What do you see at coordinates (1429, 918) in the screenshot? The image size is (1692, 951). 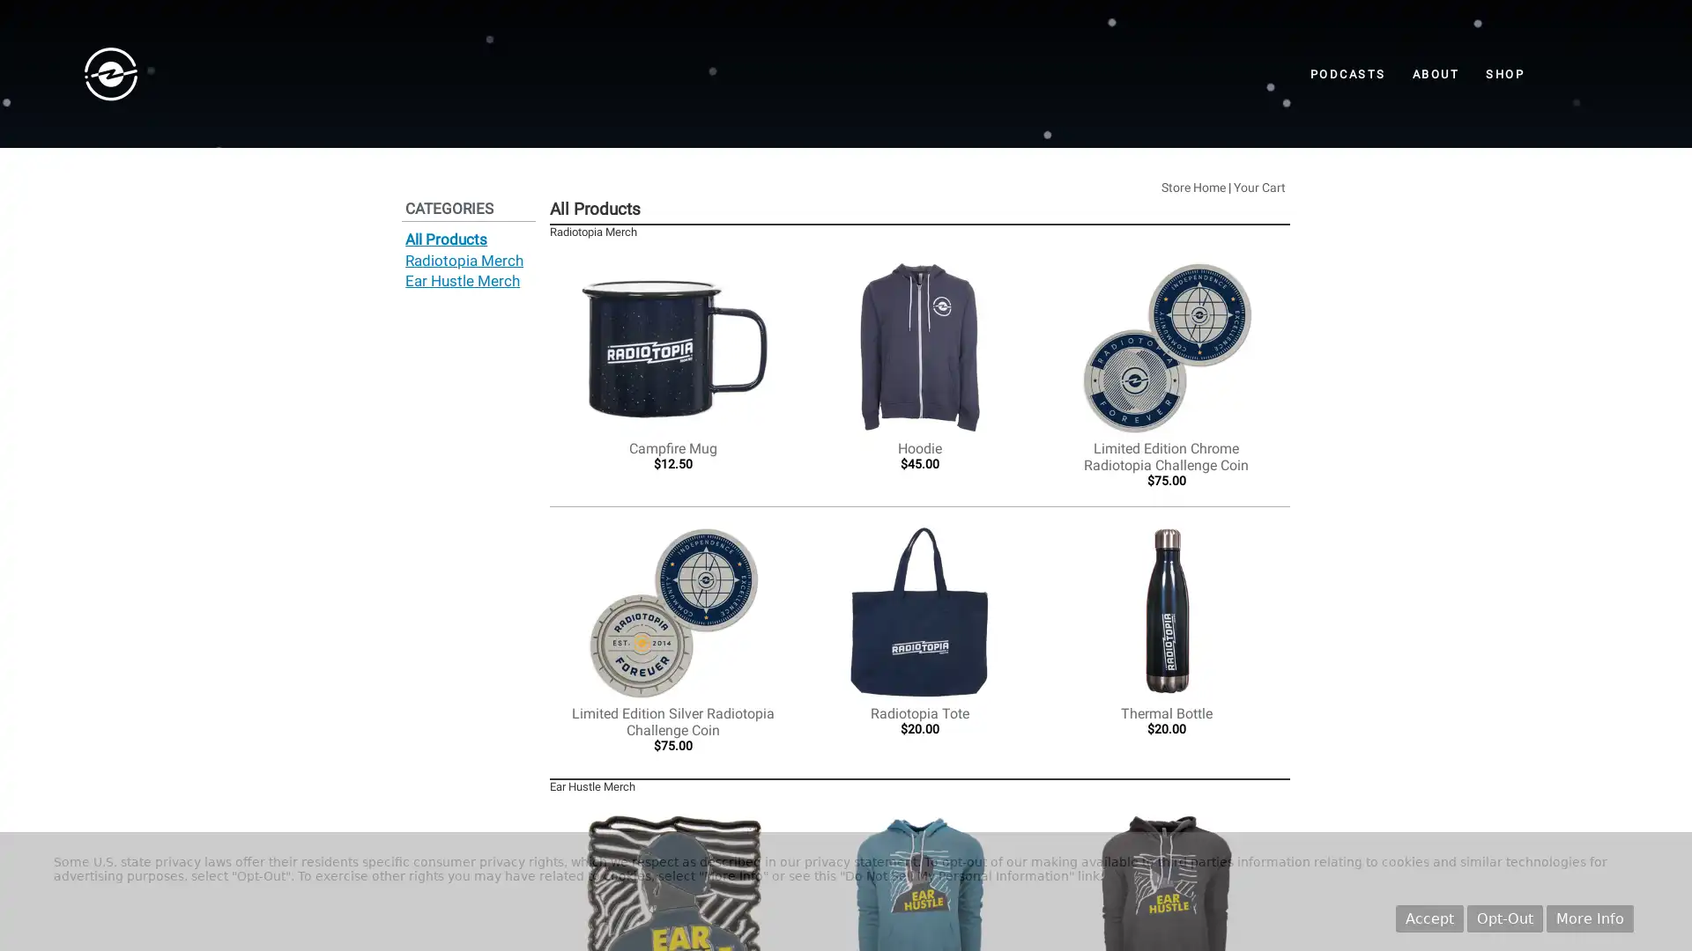 I see `Accept` at bounding box center [1429, 918].